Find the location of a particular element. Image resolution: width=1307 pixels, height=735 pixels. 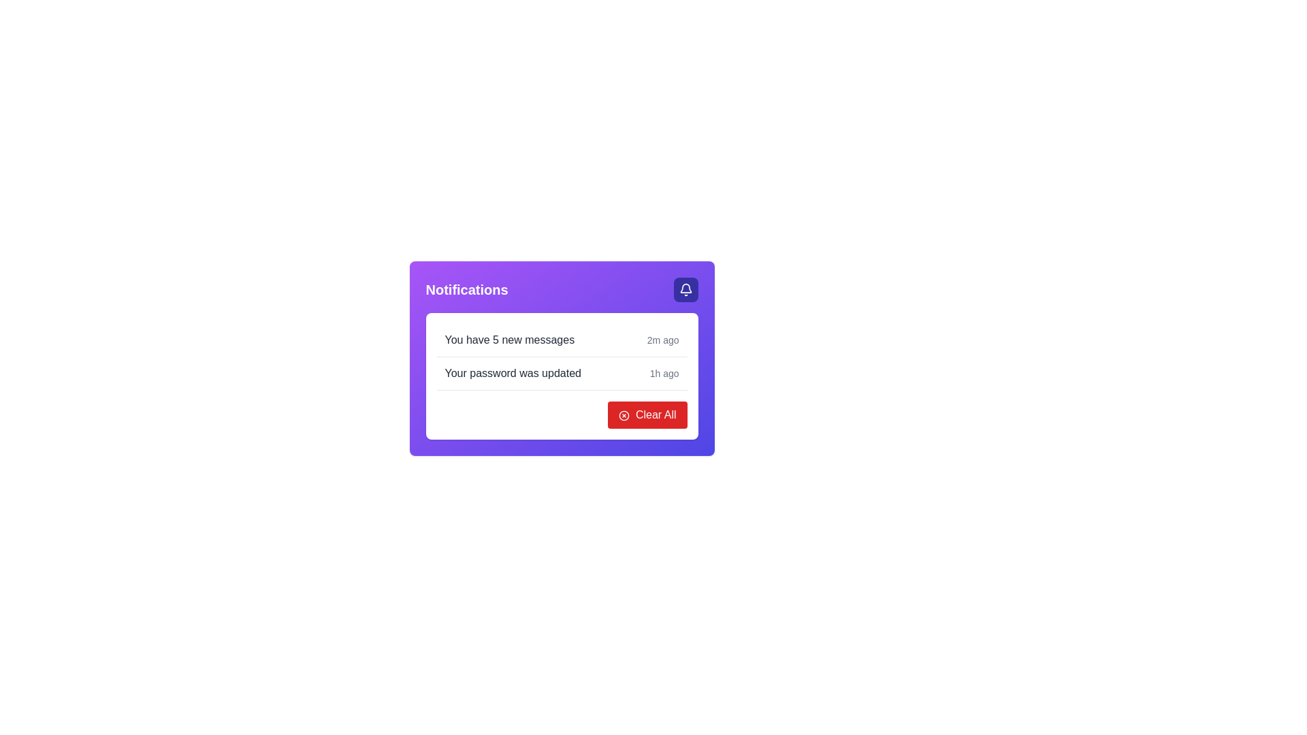

the clear notifications button located at the bottom-right corner of the purple notification panel for tooltip or visual feedback is located at coordinates (647, 414).